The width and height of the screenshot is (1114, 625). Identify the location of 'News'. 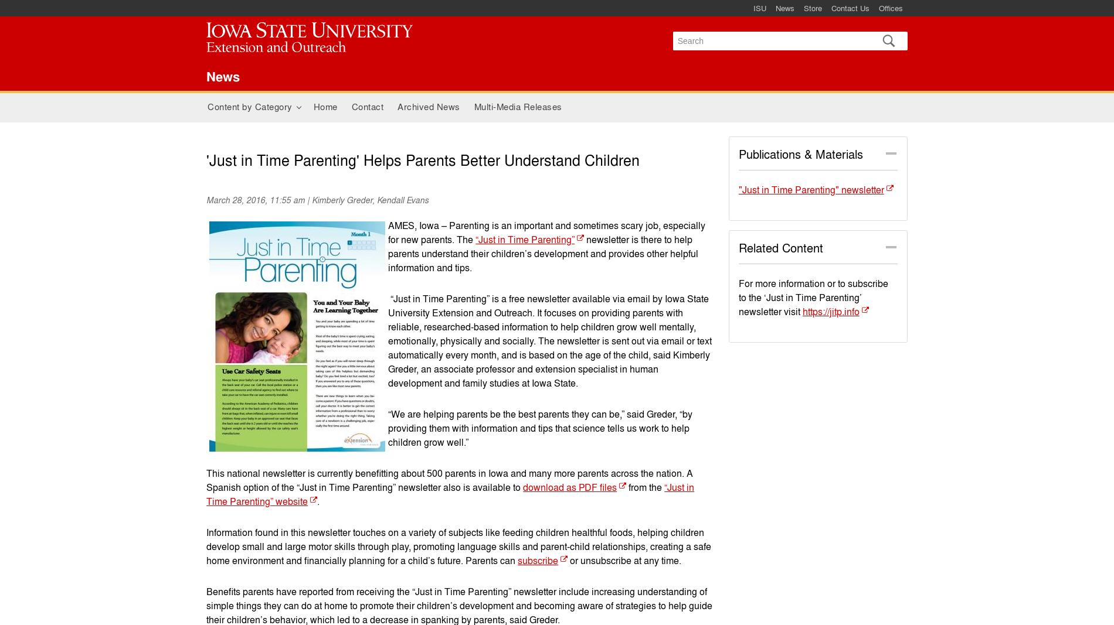
(222, 75).